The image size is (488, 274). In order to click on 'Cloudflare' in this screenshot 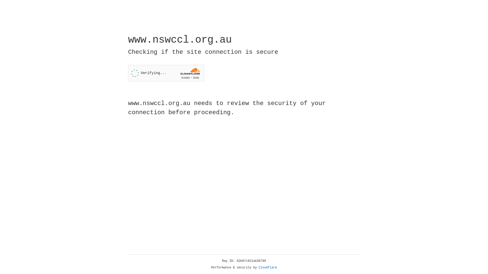, I will do `click(268, 267)`.